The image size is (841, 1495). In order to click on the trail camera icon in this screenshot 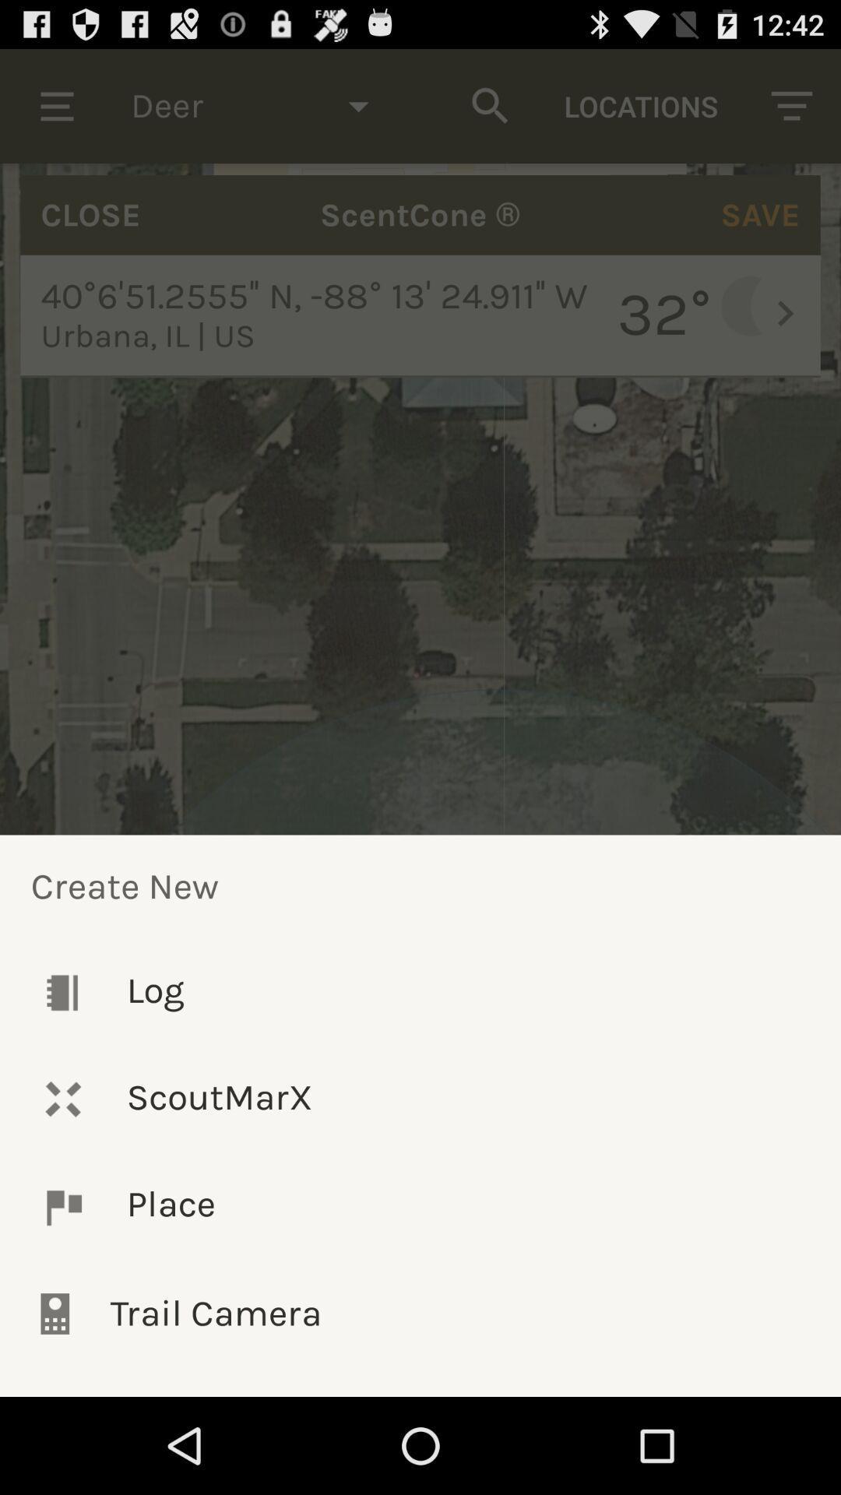, I will do `click(420, 1313)`.